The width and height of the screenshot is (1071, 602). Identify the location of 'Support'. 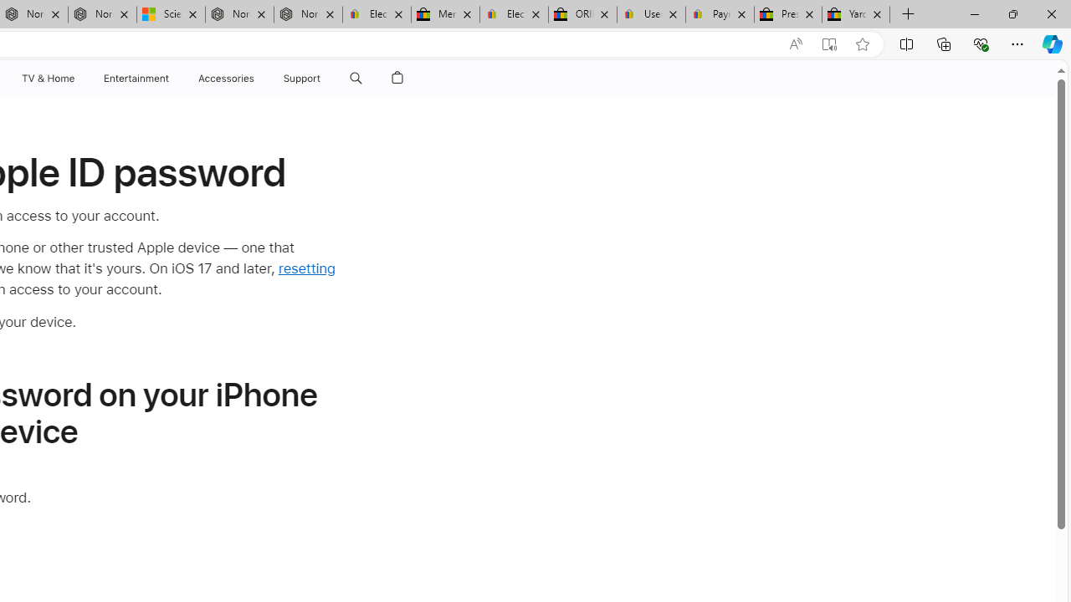
(302, 78).